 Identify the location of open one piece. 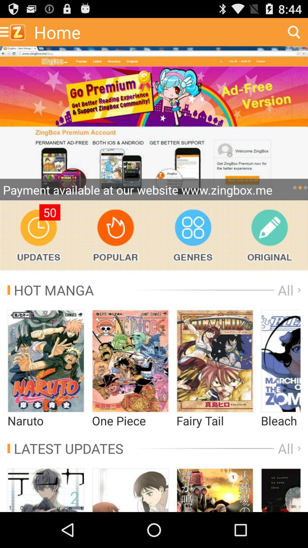
(130, 361).